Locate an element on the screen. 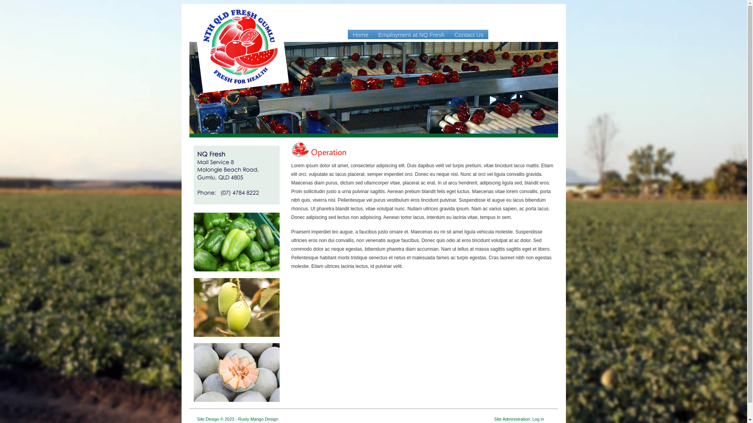  'Contact Us' is located at coordinates (450, 34).